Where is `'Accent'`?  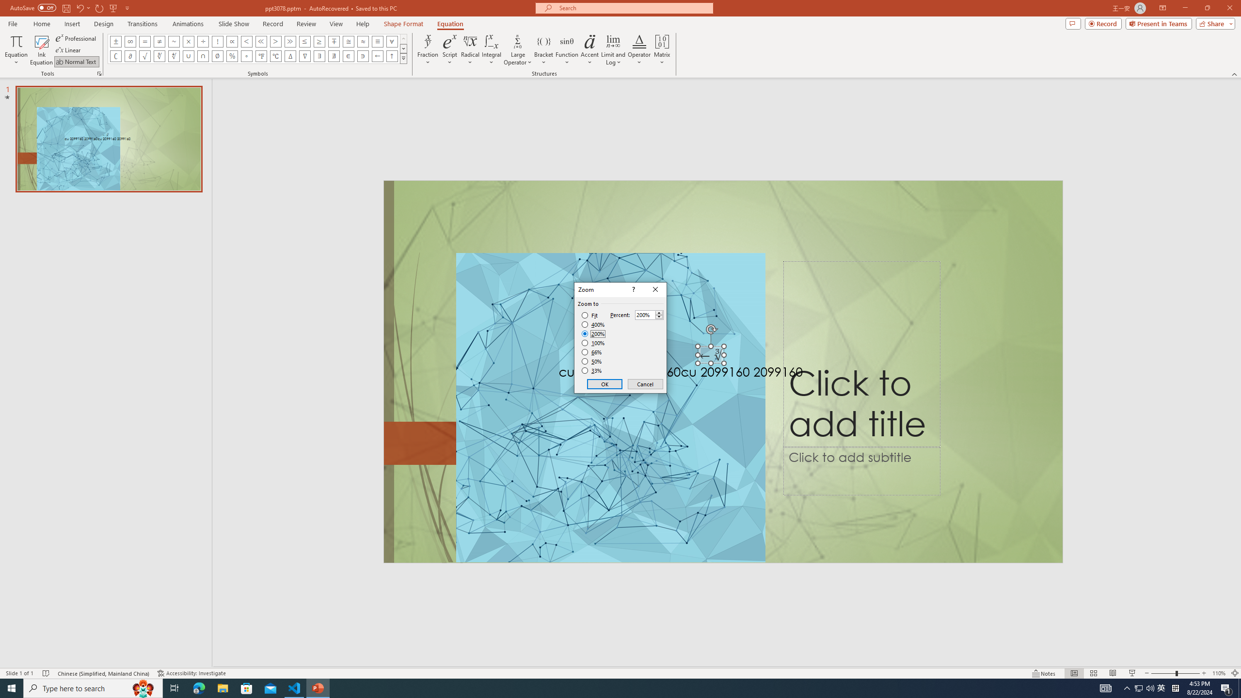 'Accent' is located at coordinates (589, 50).